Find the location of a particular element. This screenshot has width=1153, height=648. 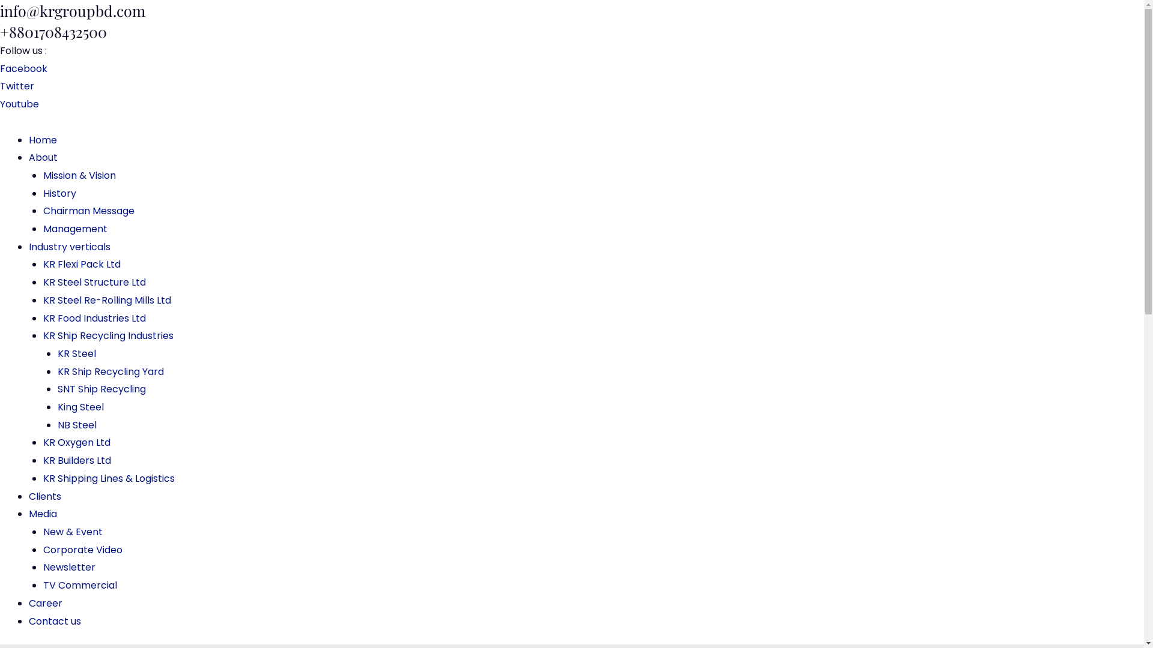

'KR Food Industries Ltd' is located at coordinates (94, 317).